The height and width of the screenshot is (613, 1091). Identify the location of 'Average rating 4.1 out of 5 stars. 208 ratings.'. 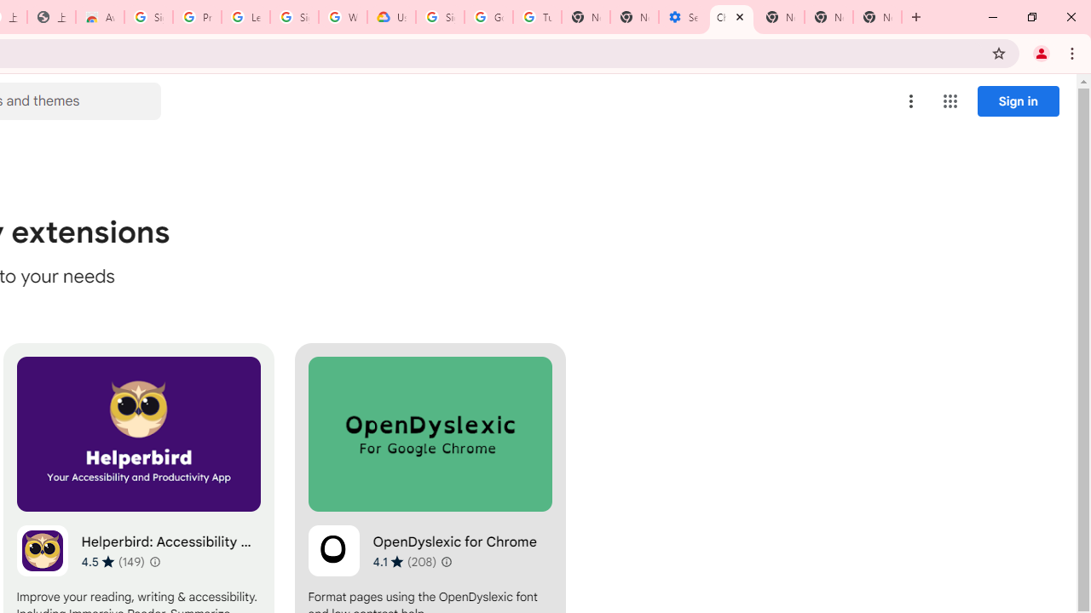
(403, 561).